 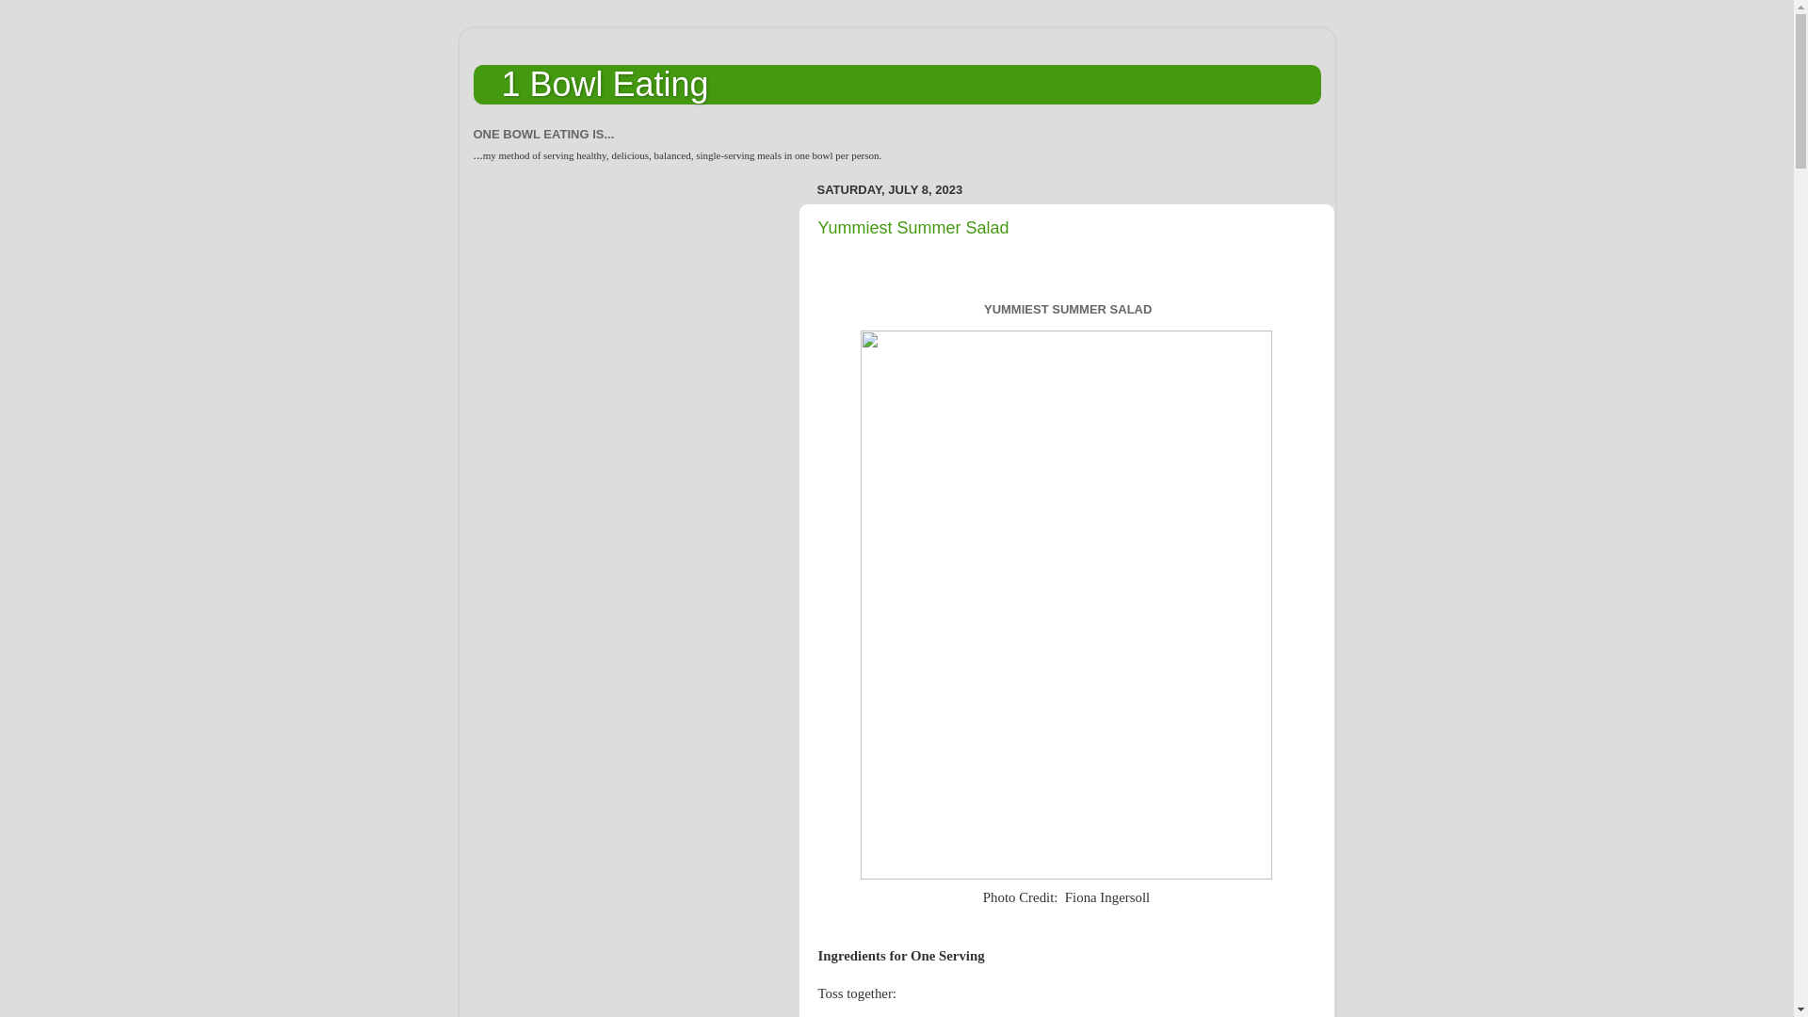 I want to click on 'Yummiest Summer Salad', so click(x=912, y=227).